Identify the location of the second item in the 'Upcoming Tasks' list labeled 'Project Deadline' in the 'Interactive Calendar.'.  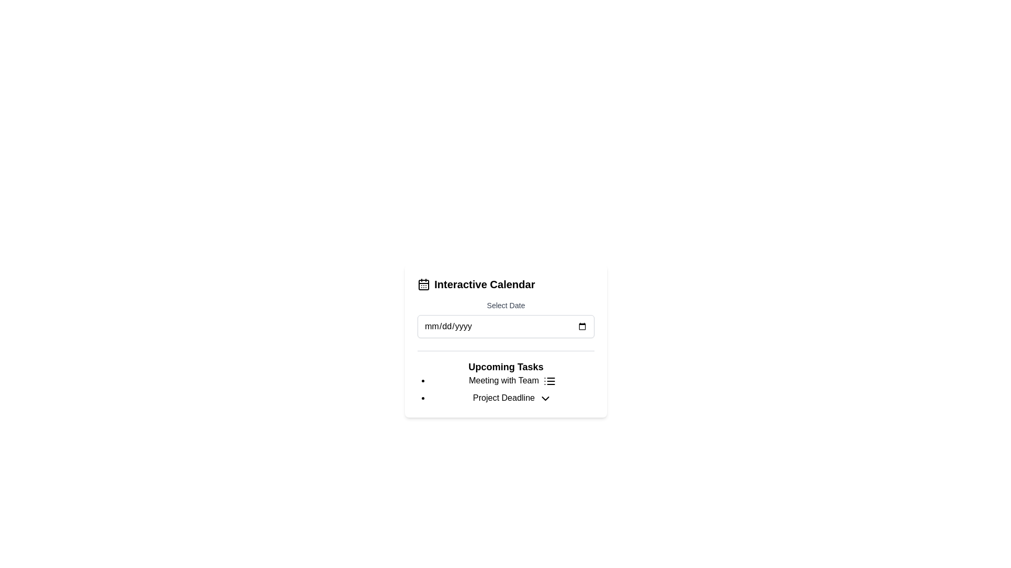
(512, 398).